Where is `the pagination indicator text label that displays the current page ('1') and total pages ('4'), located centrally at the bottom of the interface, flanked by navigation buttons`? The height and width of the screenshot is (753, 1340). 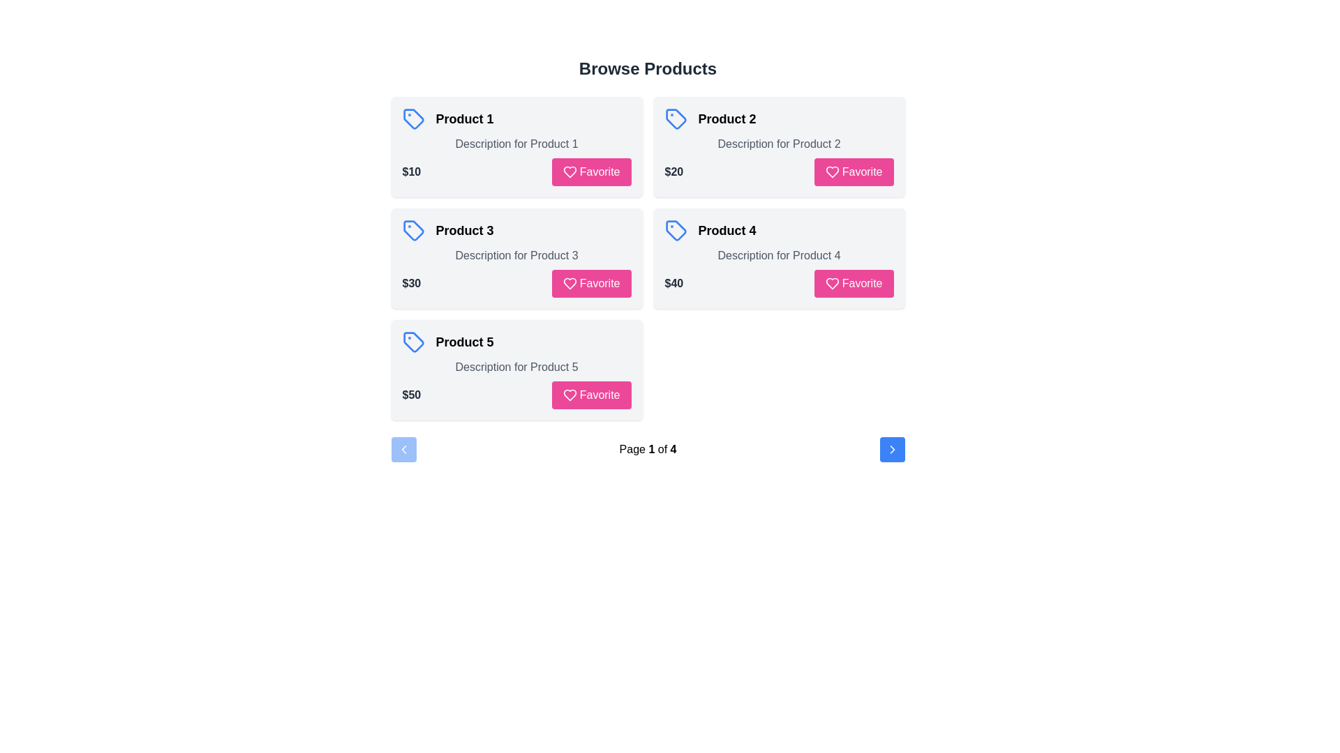 the pagination indicator text label that displays the current page ('1') and total pages ('4'), located centrally at the bottom of the interface, flanked by navigation buttons is located at coordinates (647, 449).